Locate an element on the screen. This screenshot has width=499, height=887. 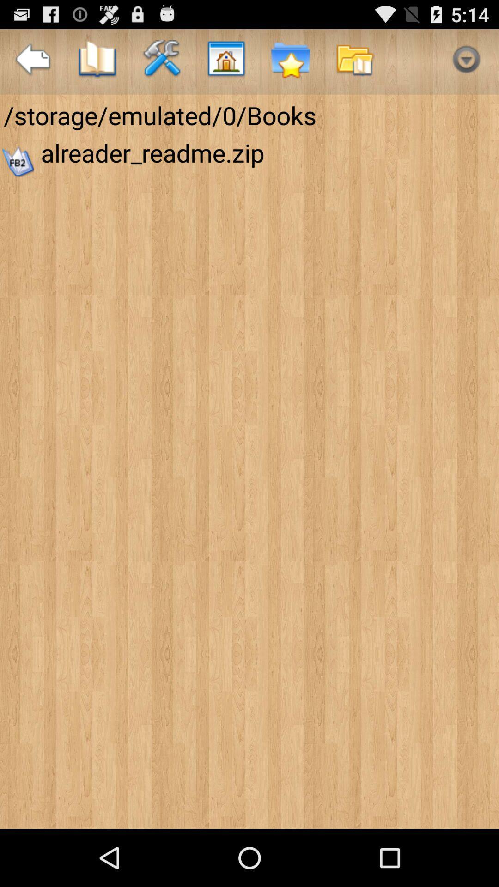
item above the storage emulated 0 is located at coordinates (226, 61).